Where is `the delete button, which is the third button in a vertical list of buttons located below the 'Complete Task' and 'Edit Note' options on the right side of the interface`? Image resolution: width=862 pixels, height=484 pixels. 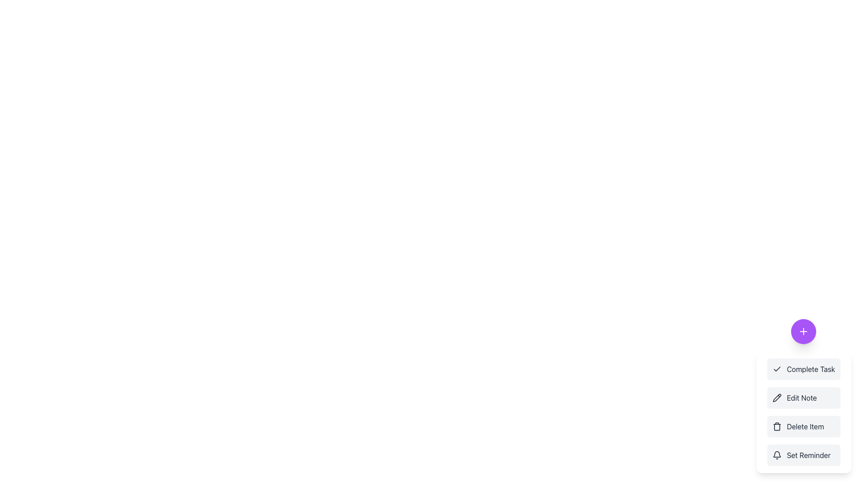
the delete button, which is the third button in a vertical list of buttons located below the 'Complete Task' and 'Edit Note' options on the right side of the interface is located at coordinates (804, 426).